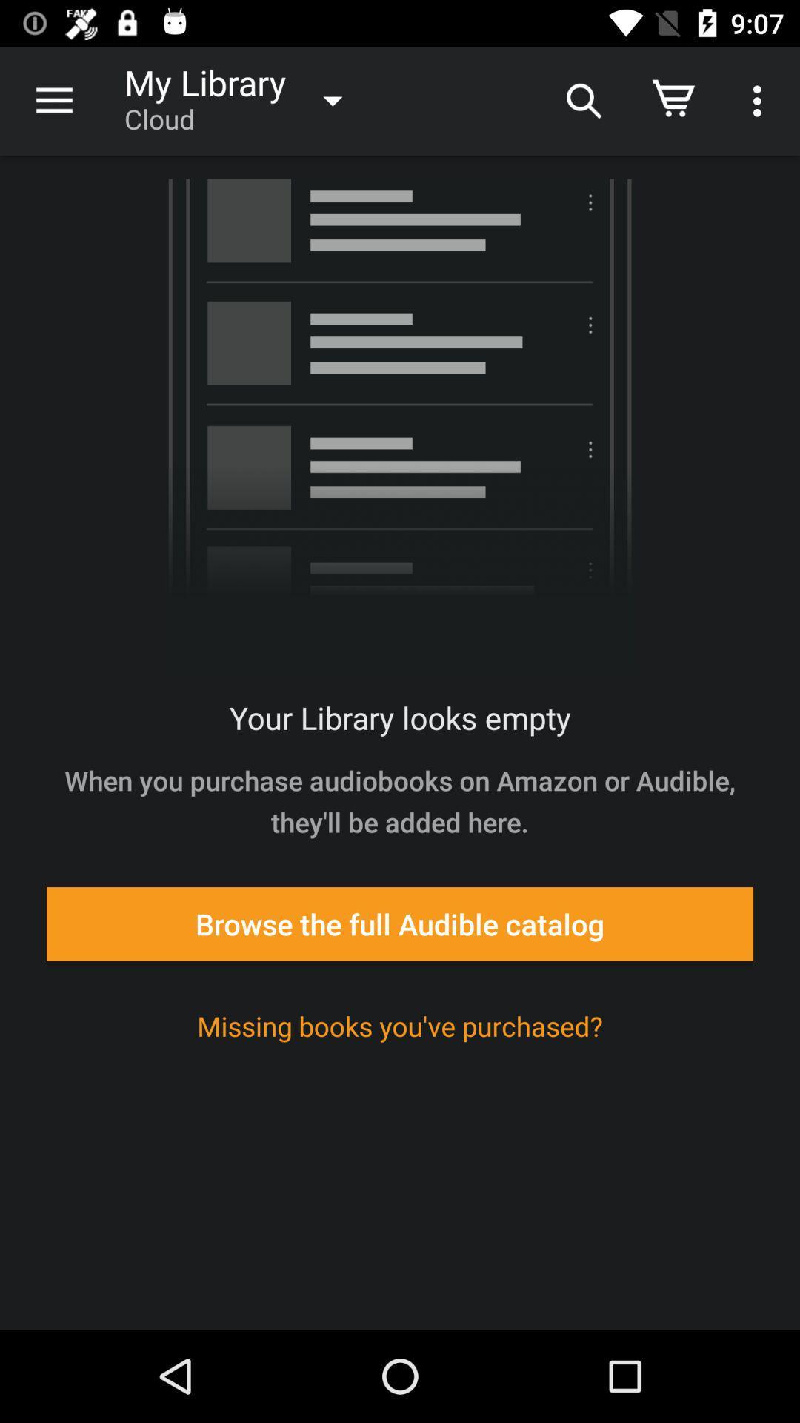  I want to click on item above missing books you item, so click(400, 923).